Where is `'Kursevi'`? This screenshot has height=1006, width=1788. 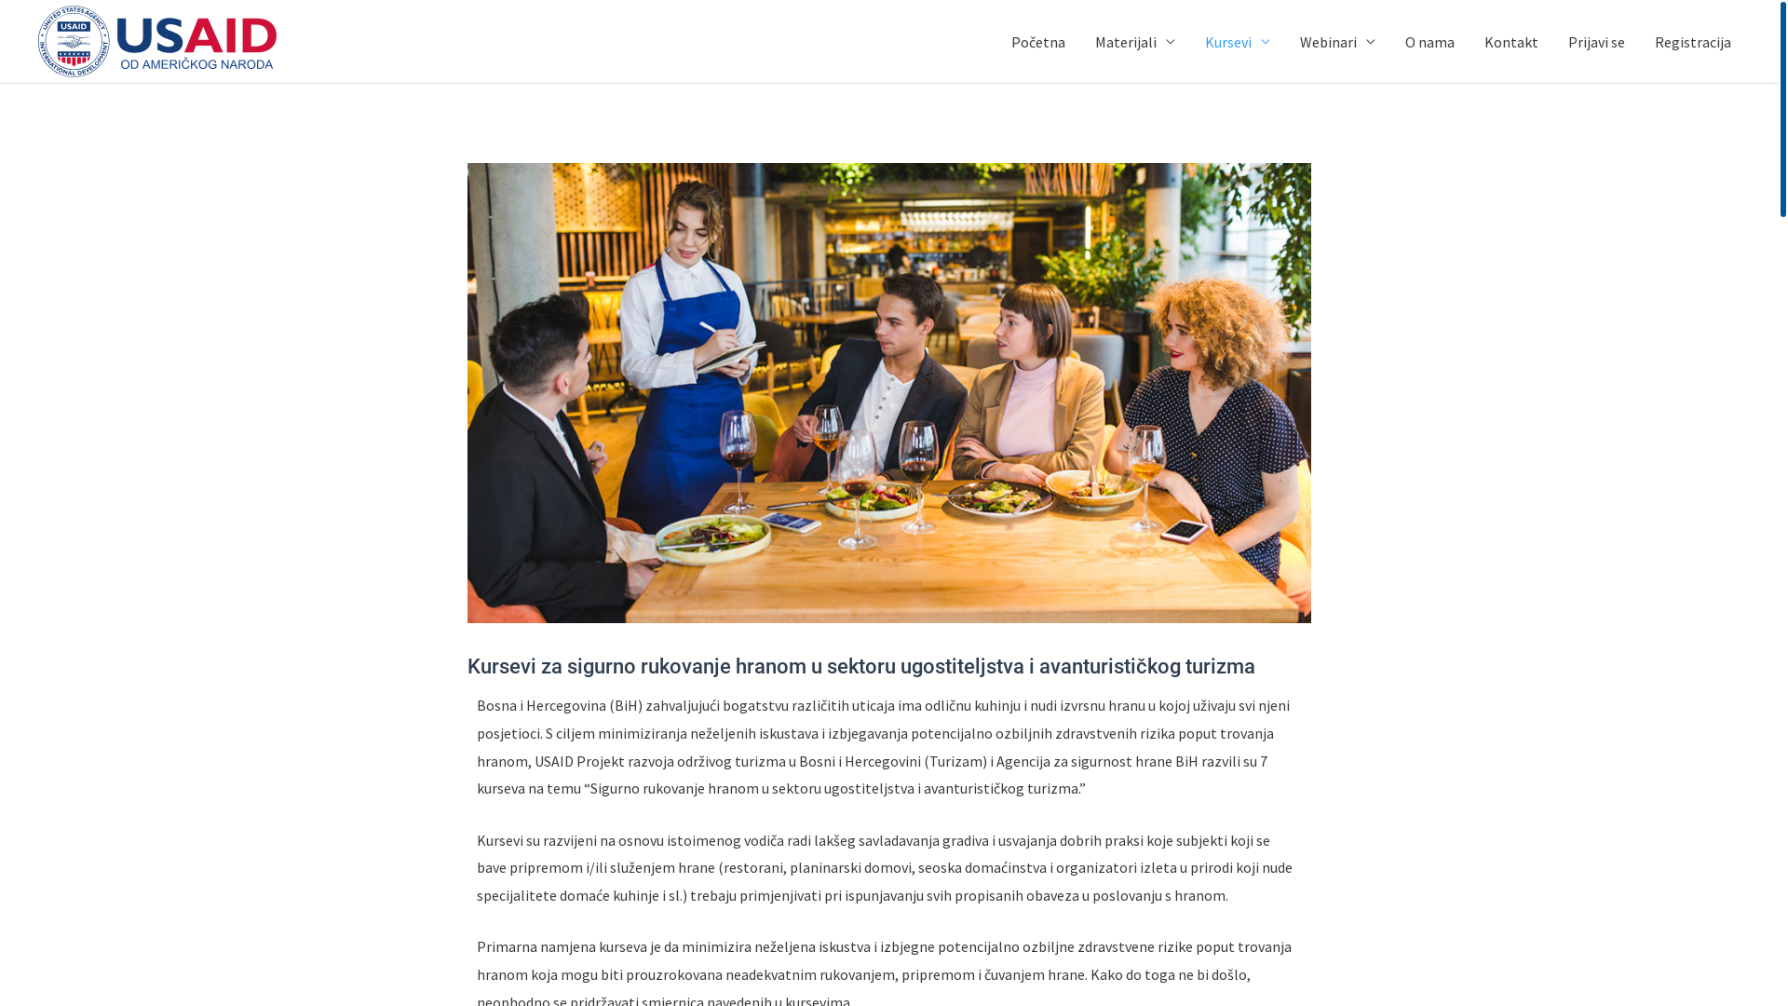 'Kursevi' is located at coordinates (1238, 40).